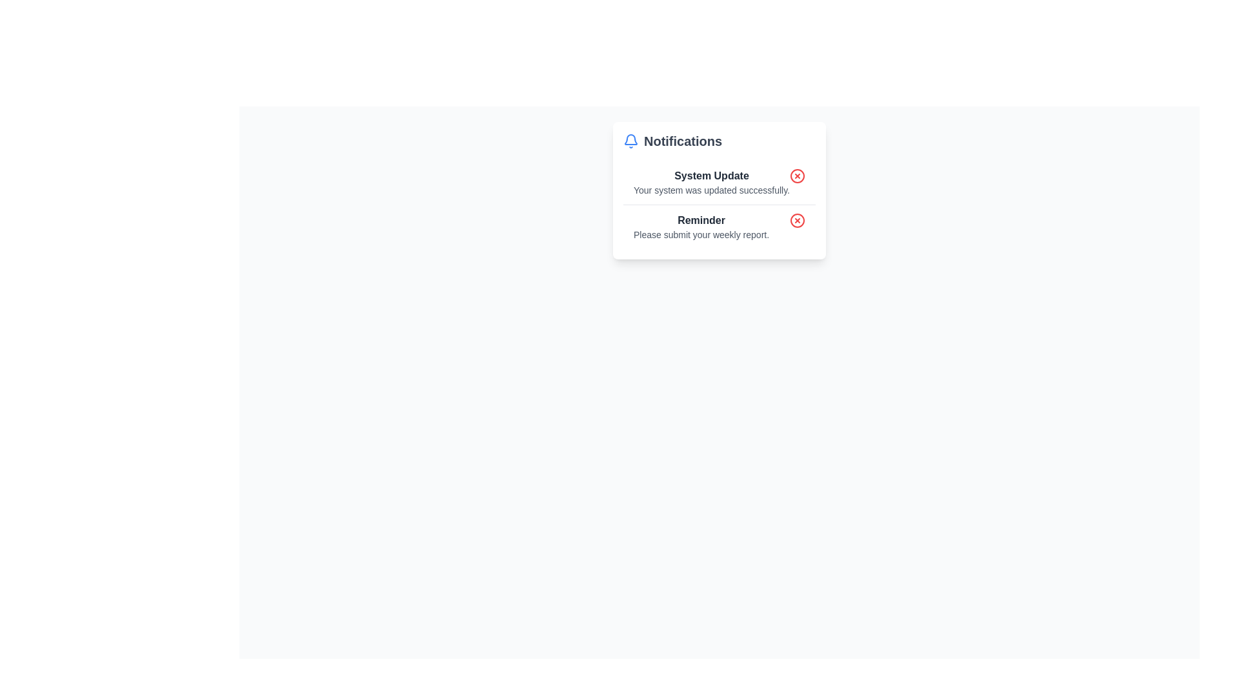 Image resolution: width=1239 pixels, height=697 pixels. Describe the element at coordinates (701, 226) in the screenshot. I see `the notification message reminding the user to submit the weekly report, located inside the second notification entry of the Notifications panel` at that location.